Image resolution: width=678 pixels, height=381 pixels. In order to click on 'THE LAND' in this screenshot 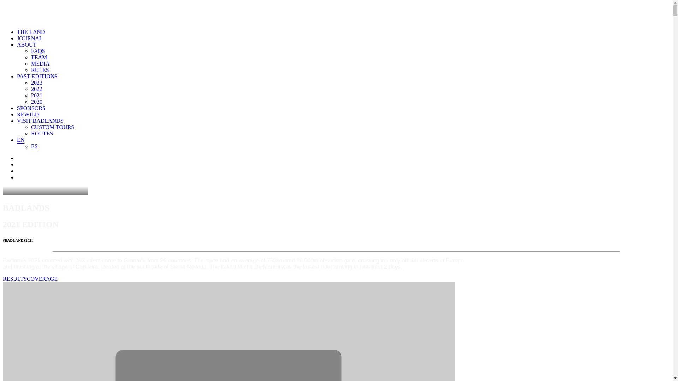, I will do `click(30, 32)`.